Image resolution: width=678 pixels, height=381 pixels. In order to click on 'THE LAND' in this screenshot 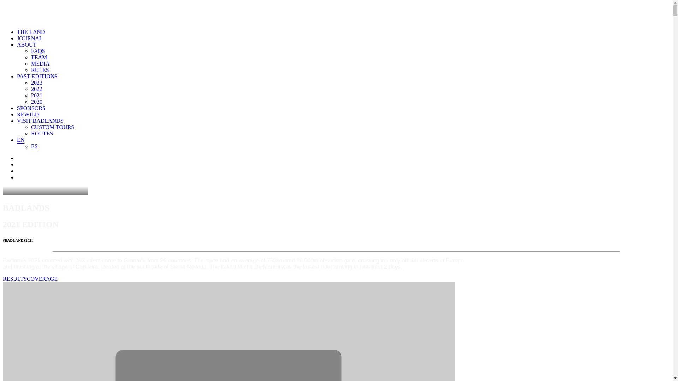, I will do `click(30, 32)`.